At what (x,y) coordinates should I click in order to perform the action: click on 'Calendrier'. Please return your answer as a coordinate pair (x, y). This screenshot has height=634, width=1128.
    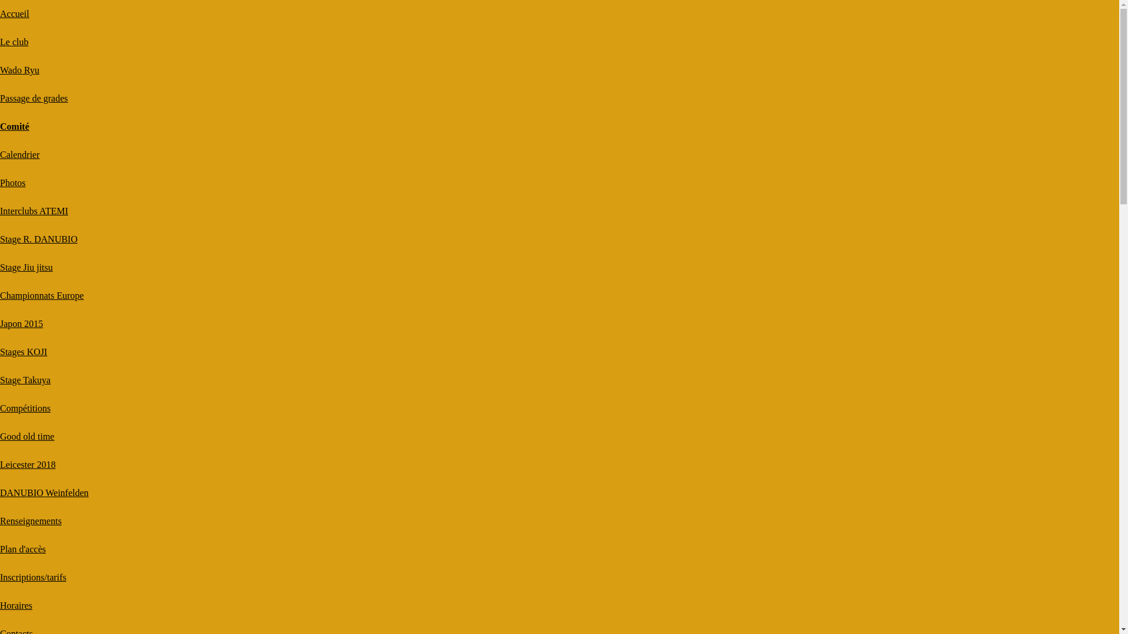
    Looking at the image, I should click on (19, 154).